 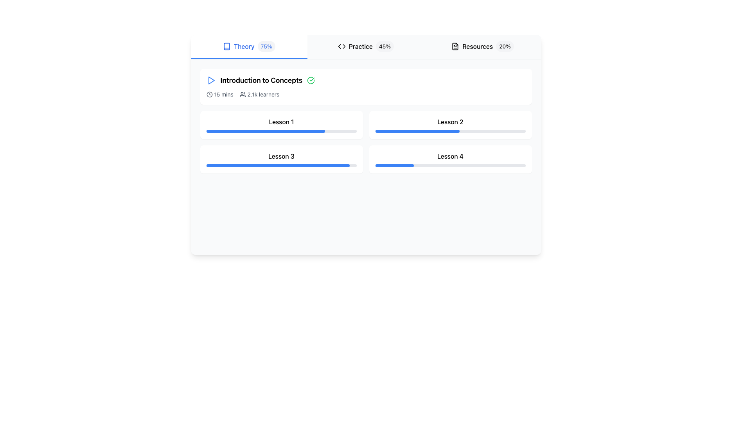 What do you see at coordinates (482, 46) in the screenshot?
I see `the navigation tab with icon and label located on the top bar, to the right of the 'Practice' tab` at bounding box center [482, 46].